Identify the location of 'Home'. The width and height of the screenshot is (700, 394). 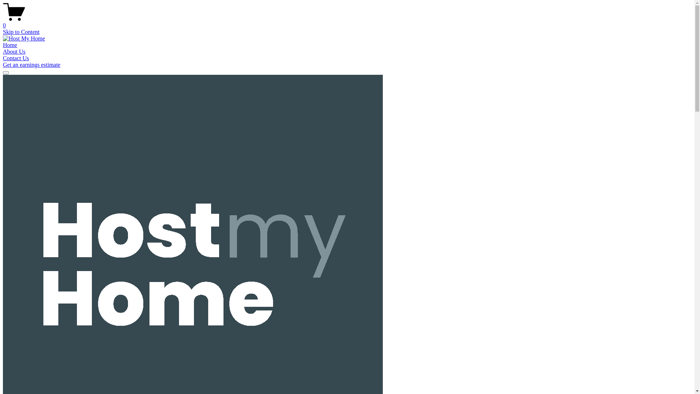
(10, 45).